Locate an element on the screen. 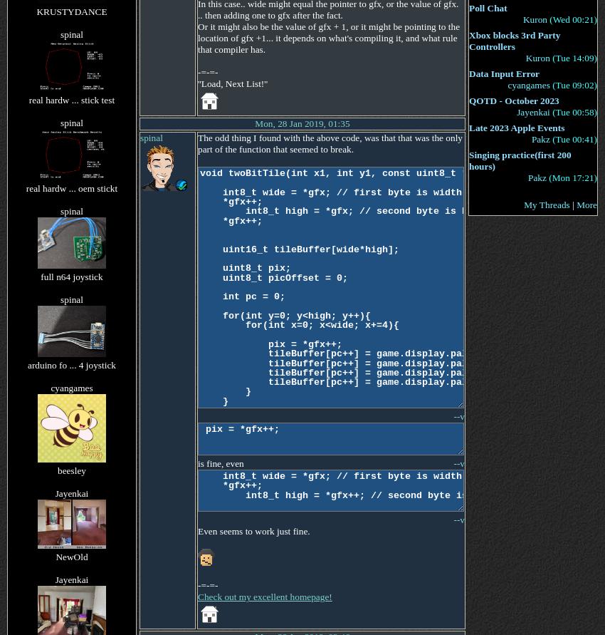 This screenshot has width=605, height=635. 'QOTD - October 2023' is located at coordinates (512, 100).